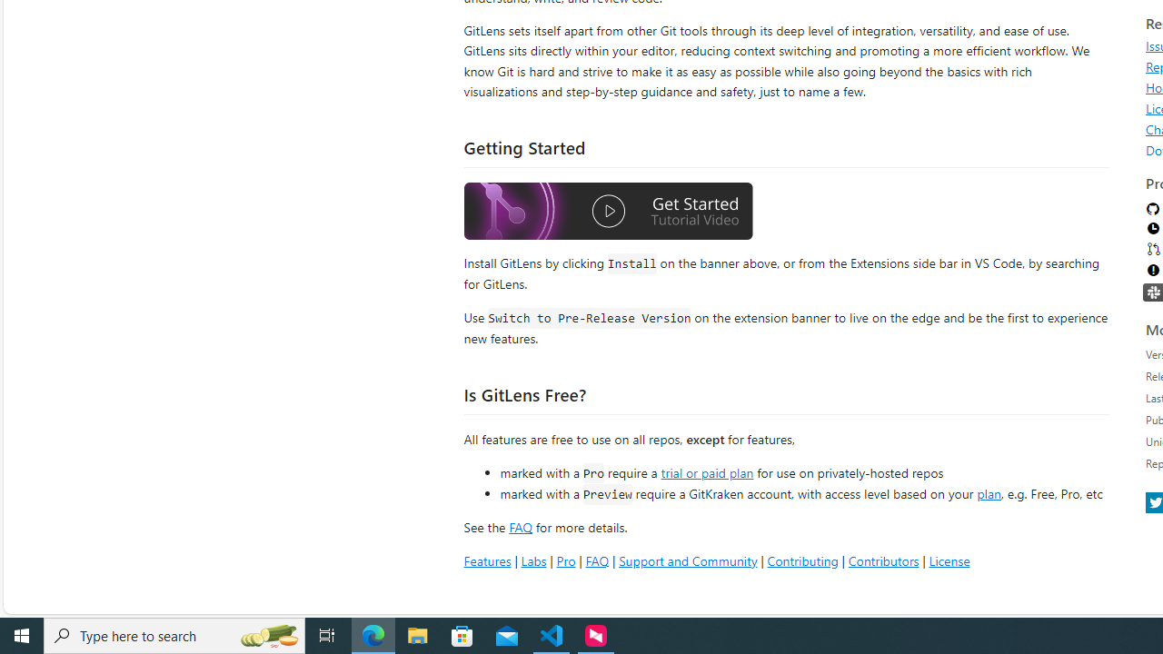 The image size is (1163, 654). What do you see at coordinates (608, 211) in the screenshot?
I see `'Watch the GitLens Getting Started video'` at bounding box center [608, 211].